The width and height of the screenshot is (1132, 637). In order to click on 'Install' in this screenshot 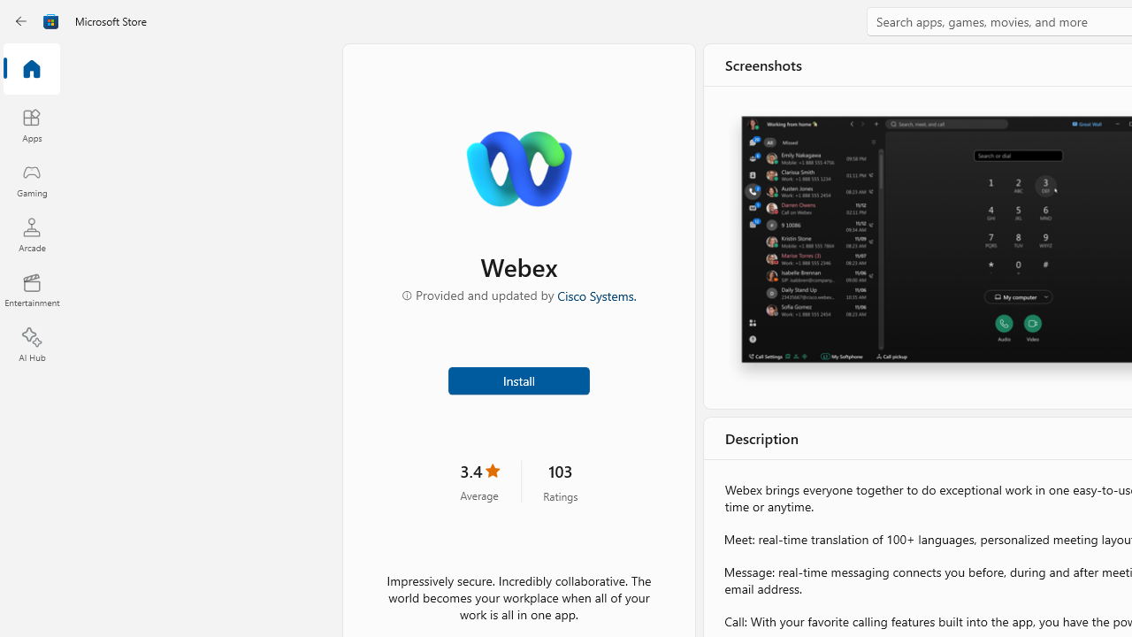, I will do `click(517, 379)`.